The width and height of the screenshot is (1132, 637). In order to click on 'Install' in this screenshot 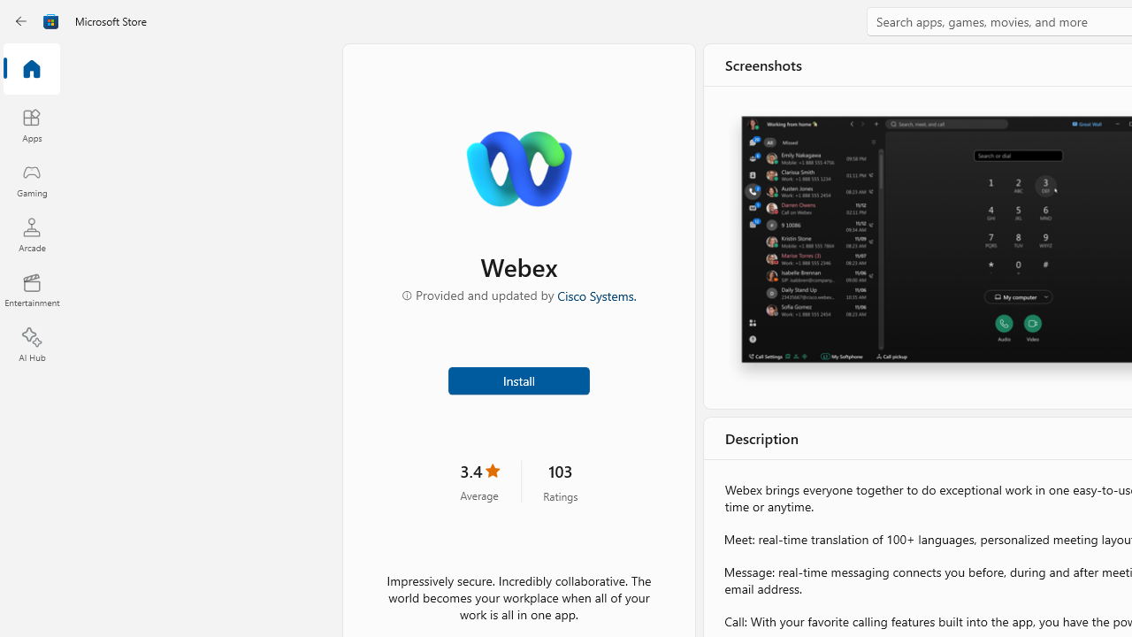, I will do `click(517, 379)`.